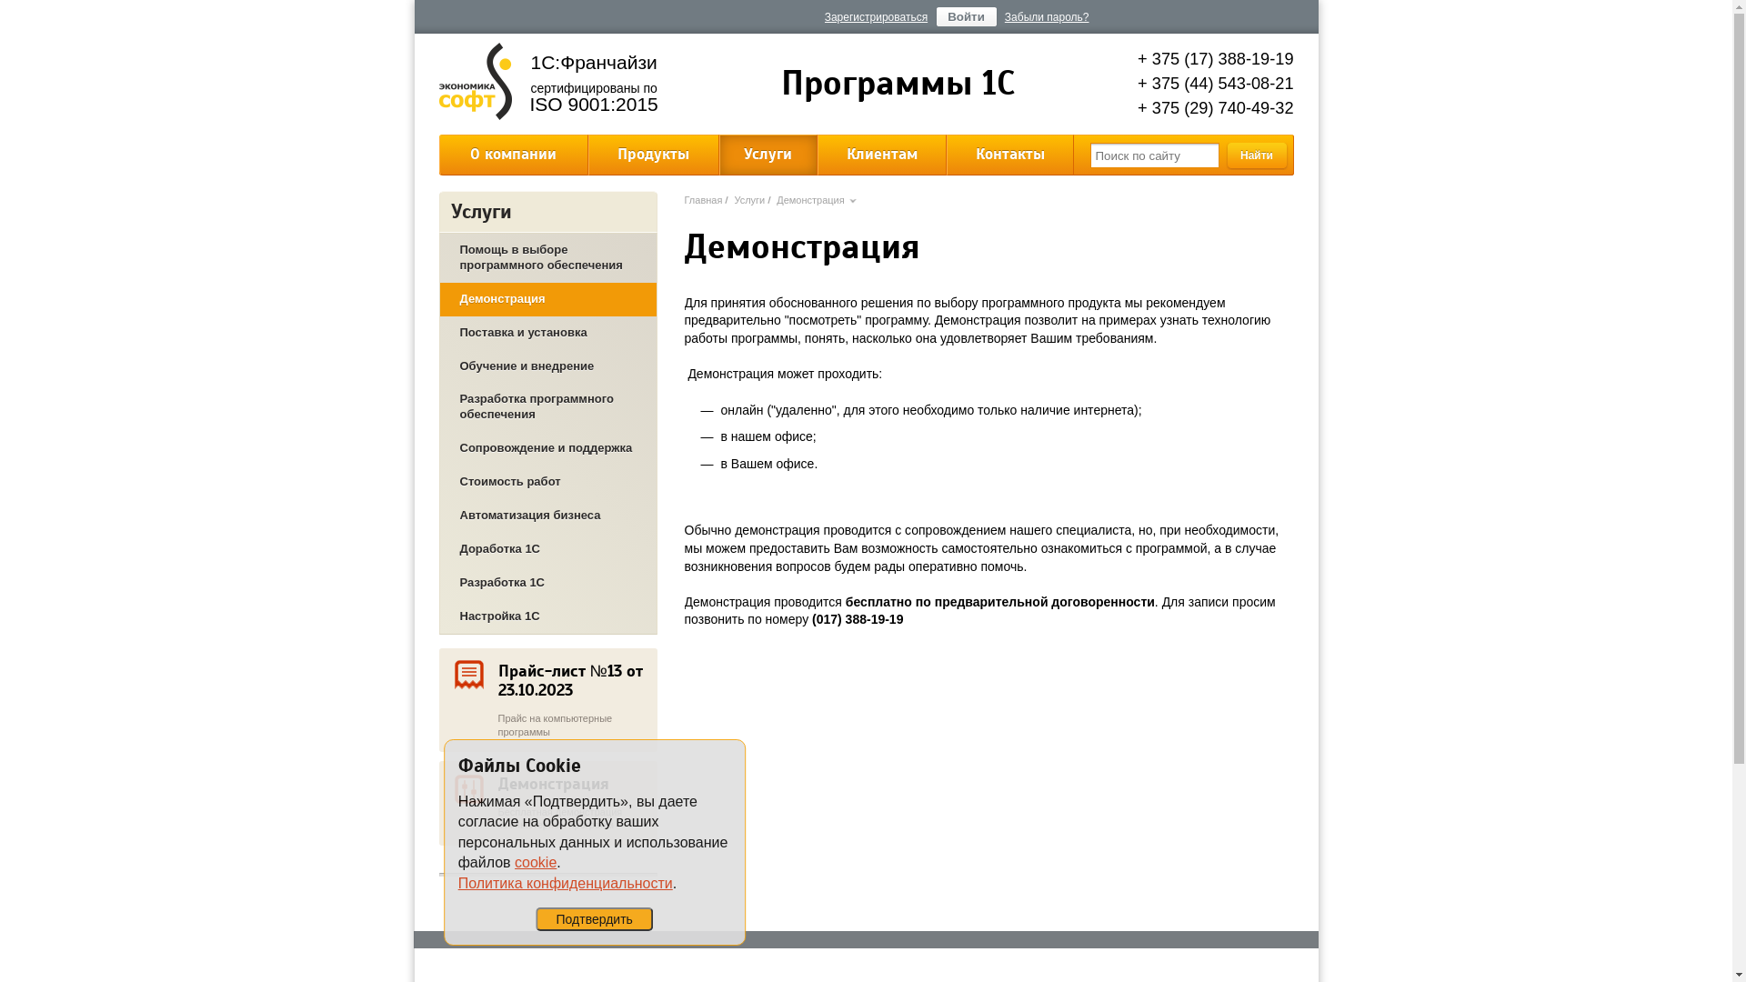 The height and width of the screenshot is (982, 1746). What do you see at coordinates (514, 861) in the screenshot?
I see `'cookie'` at bounding box center [514, 861].